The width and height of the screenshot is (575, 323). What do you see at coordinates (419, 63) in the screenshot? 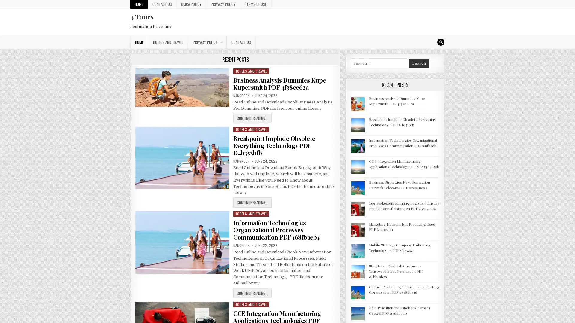
I see `Search` at bounding box center [419, 63].